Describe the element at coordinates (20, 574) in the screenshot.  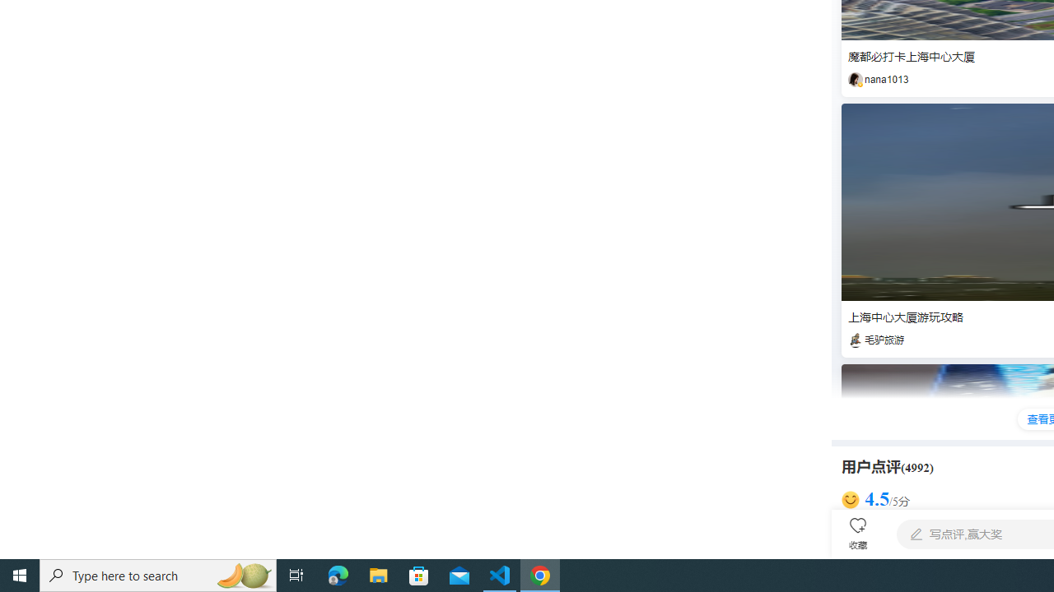
I see `'Start'` at that location.